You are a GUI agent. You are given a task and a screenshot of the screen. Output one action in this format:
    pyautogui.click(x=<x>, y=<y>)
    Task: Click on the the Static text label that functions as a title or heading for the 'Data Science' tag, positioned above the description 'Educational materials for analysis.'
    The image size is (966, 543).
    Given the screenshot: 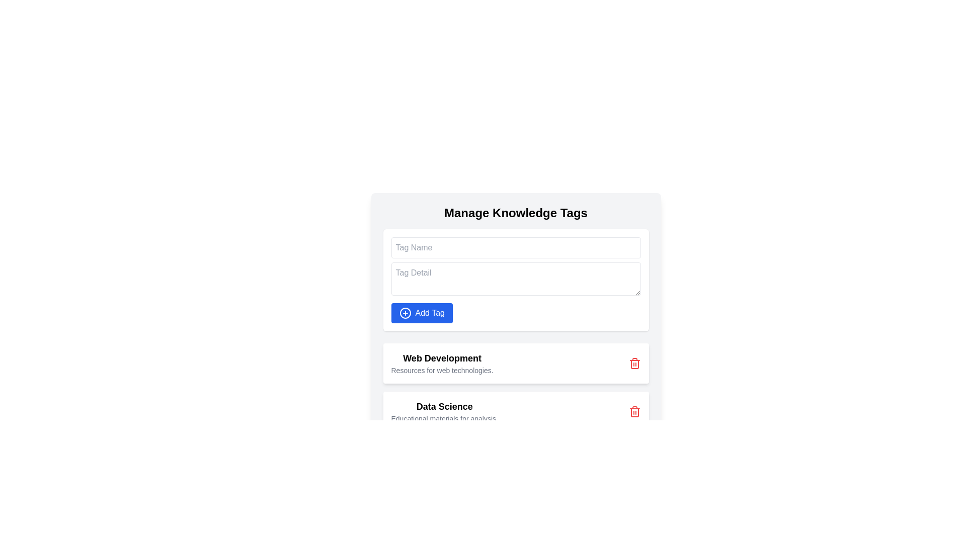 What is the action you would take?
    pyautogui.click(x=444, y=406)
    